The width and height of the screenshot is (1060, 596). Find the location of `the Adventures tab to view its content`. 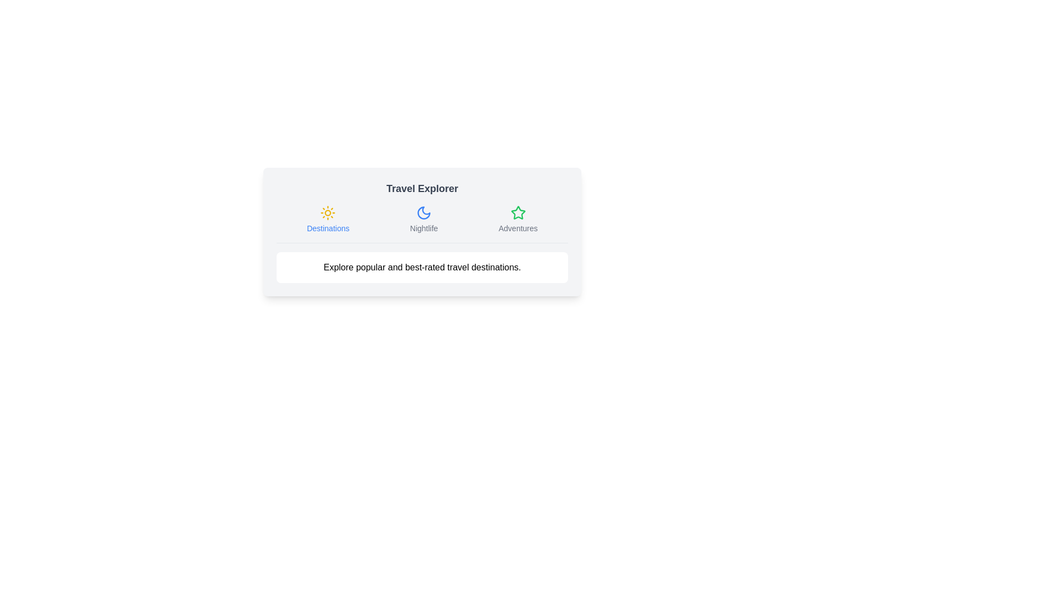

the Adventures tab to view its content is located at coordinates (517, 219).